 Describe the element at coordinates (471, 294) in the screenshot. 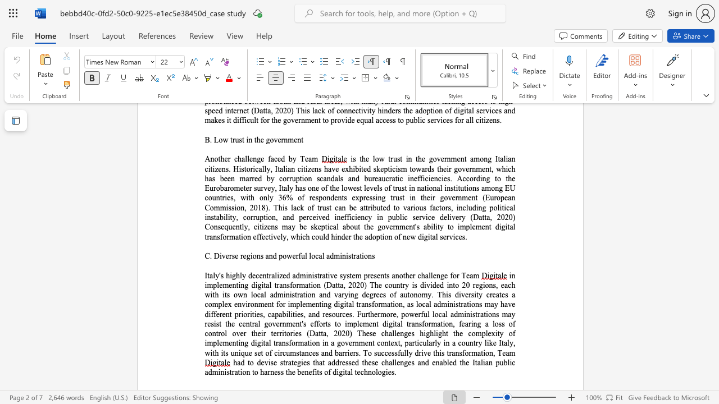

I see `the subset text "sity creates a complex environment for implementing digital transformation, as local administrations may have different priorities, capabiliti" within the text "in implementing digital transformation (Datta, 2020) The country is divided into 20 regions, each with its own local administration and varying degrees of autonomy. This diversity creates a complex environment for implementing digital transformation, as local administrations may have different priorities, capabilities, and resources. Furthermore, powerful local administrations may resist the central government"` at that location.